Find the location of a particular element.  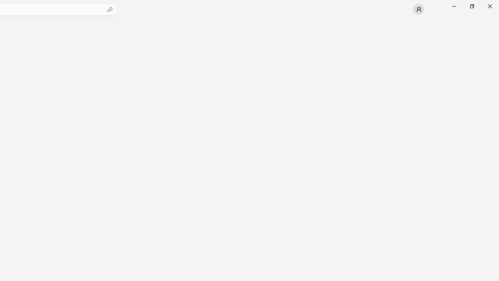

'Minimize Microsoft Store' is located at coordinates (454, 6).